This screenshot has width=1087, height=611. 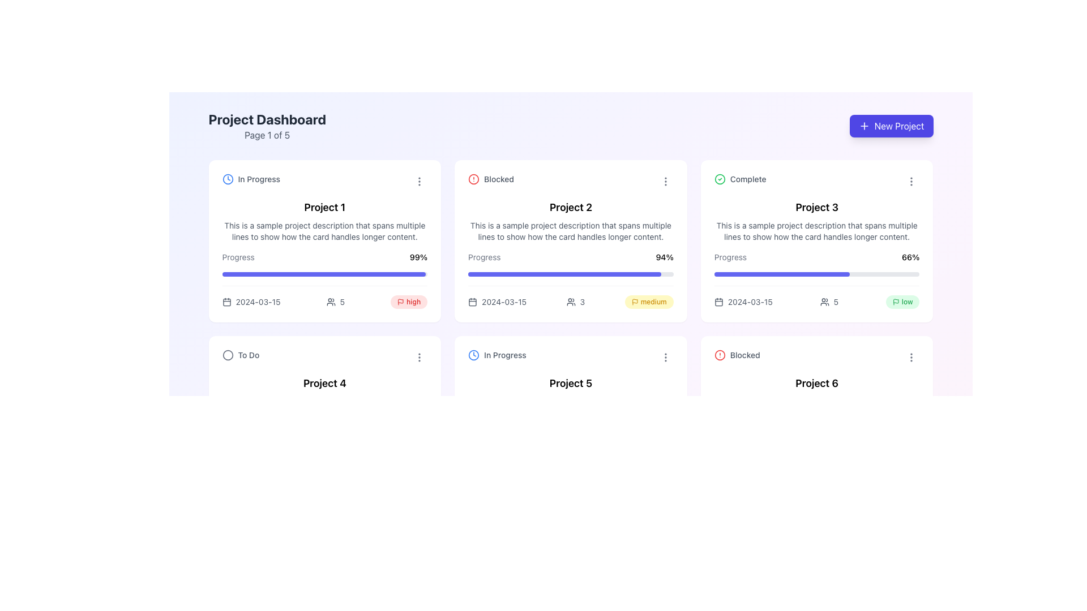 I want to click on on the Interactive project card for 'Project 1' located in the upper-left corner of the project cards grid, so click(x=324, y=240).